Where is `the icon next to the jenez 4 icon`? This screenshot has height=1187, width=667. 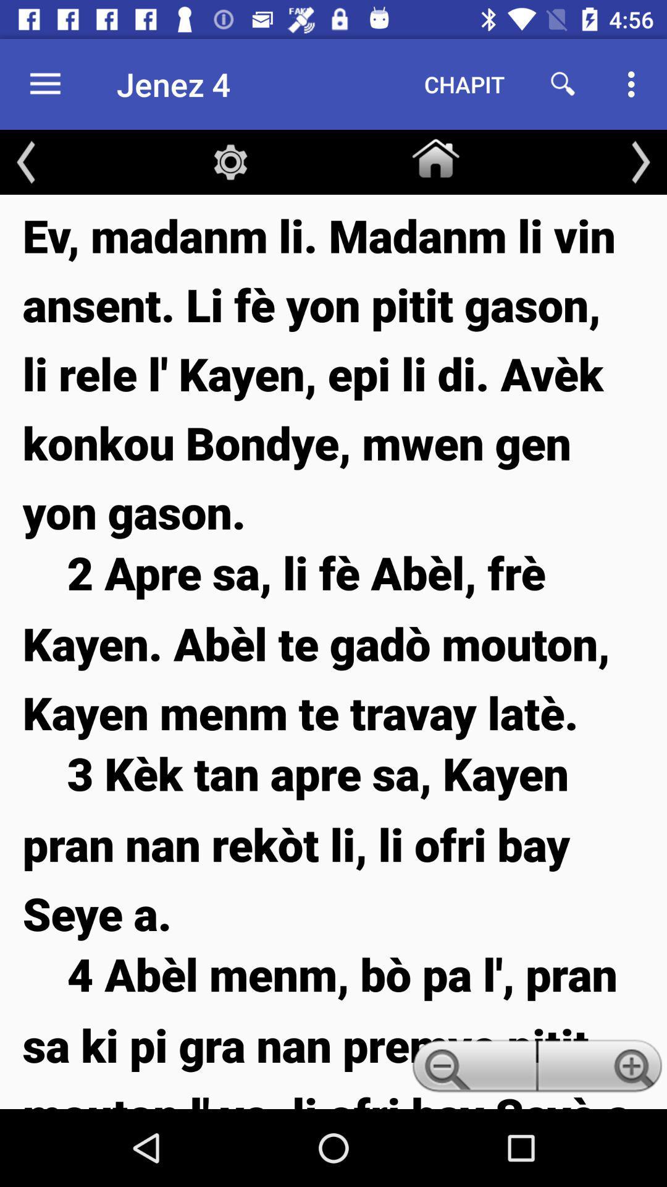 the icon next to the jenez 4 icon is located at coordinates (44, 83).